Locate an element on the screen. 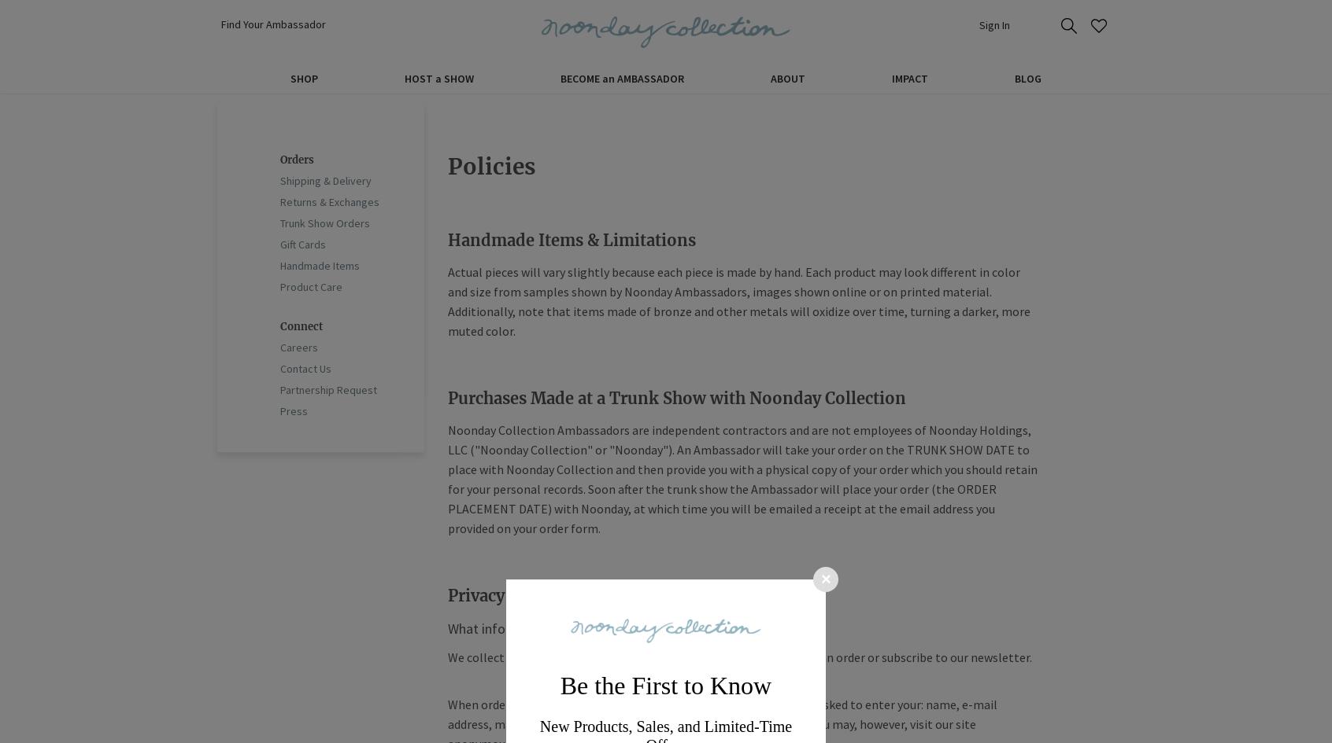 The image size is (1332, 743). 'AMBASSADOR' is located at coordinates (649, 77).